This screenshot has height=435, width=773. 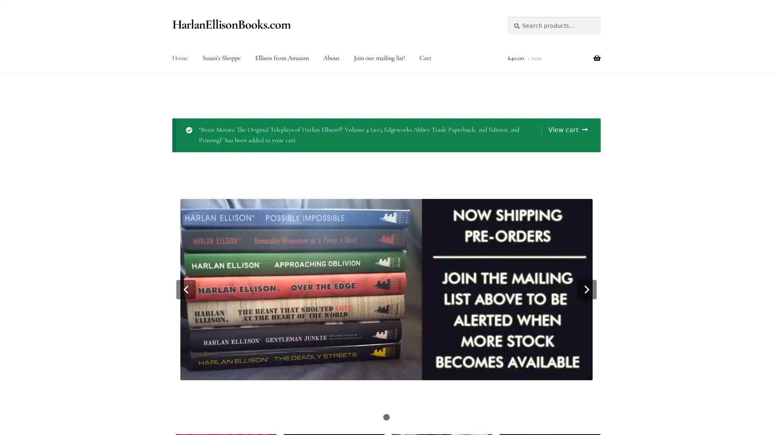 I want to click on Search, so click(x=506, y=16).